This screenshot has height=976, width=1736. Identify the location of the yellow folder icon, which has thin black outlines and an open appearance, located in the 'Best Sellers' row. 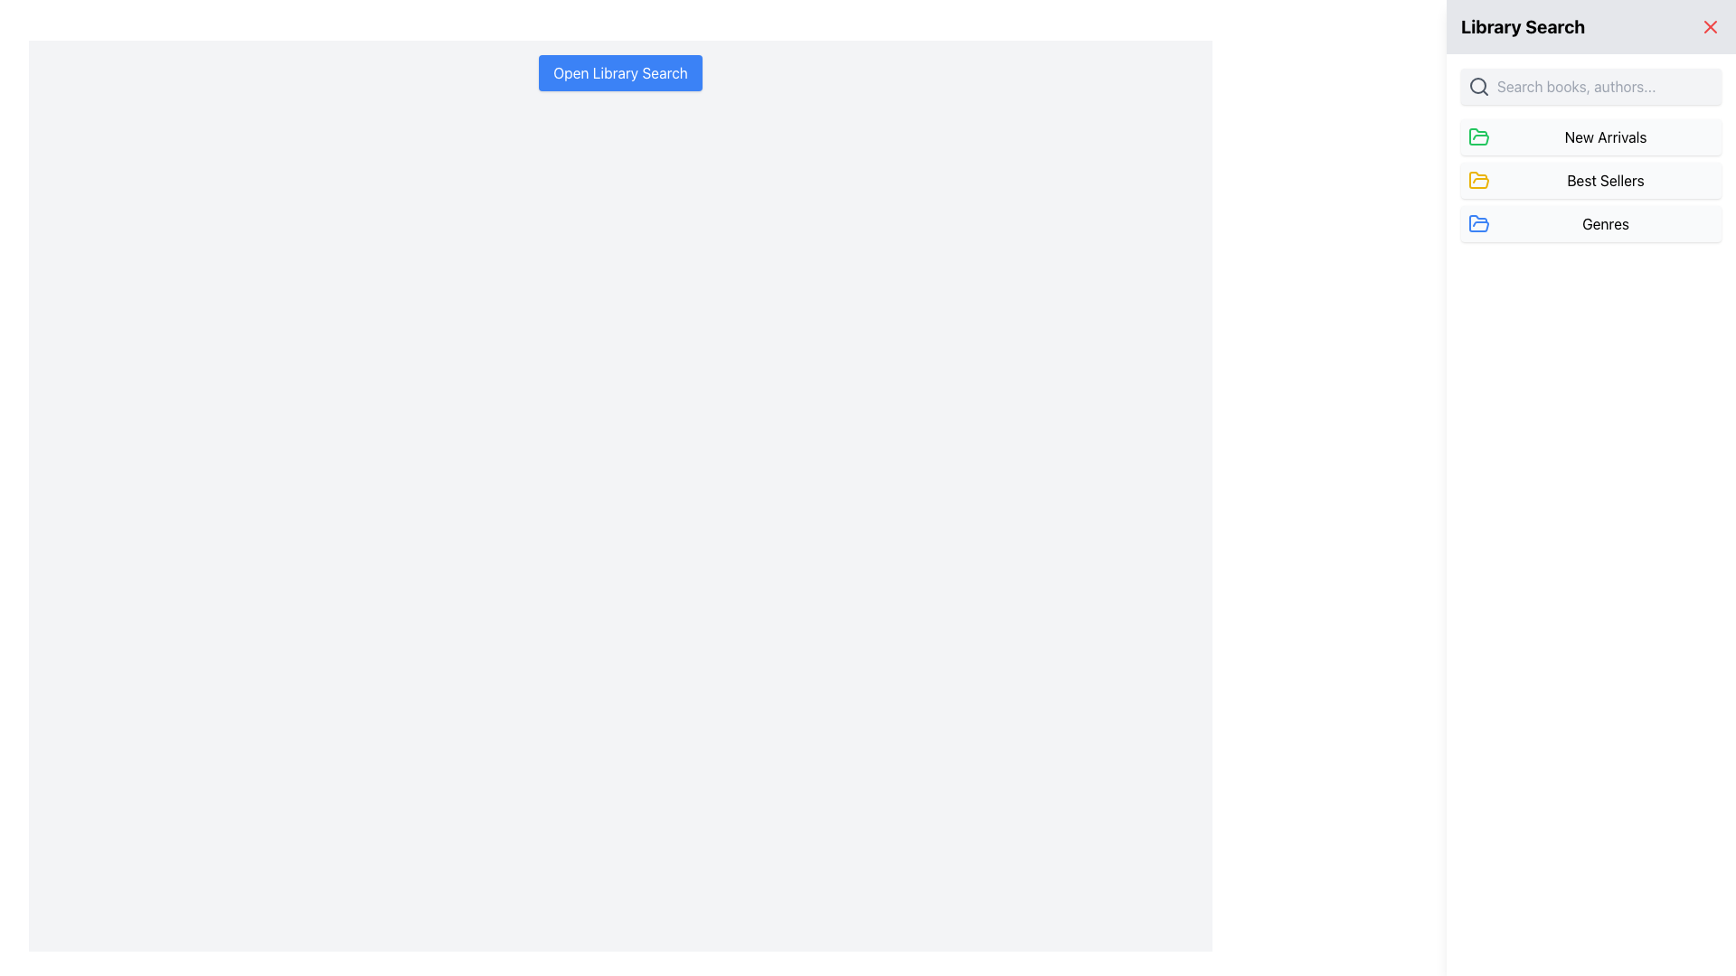
(1479, 181).